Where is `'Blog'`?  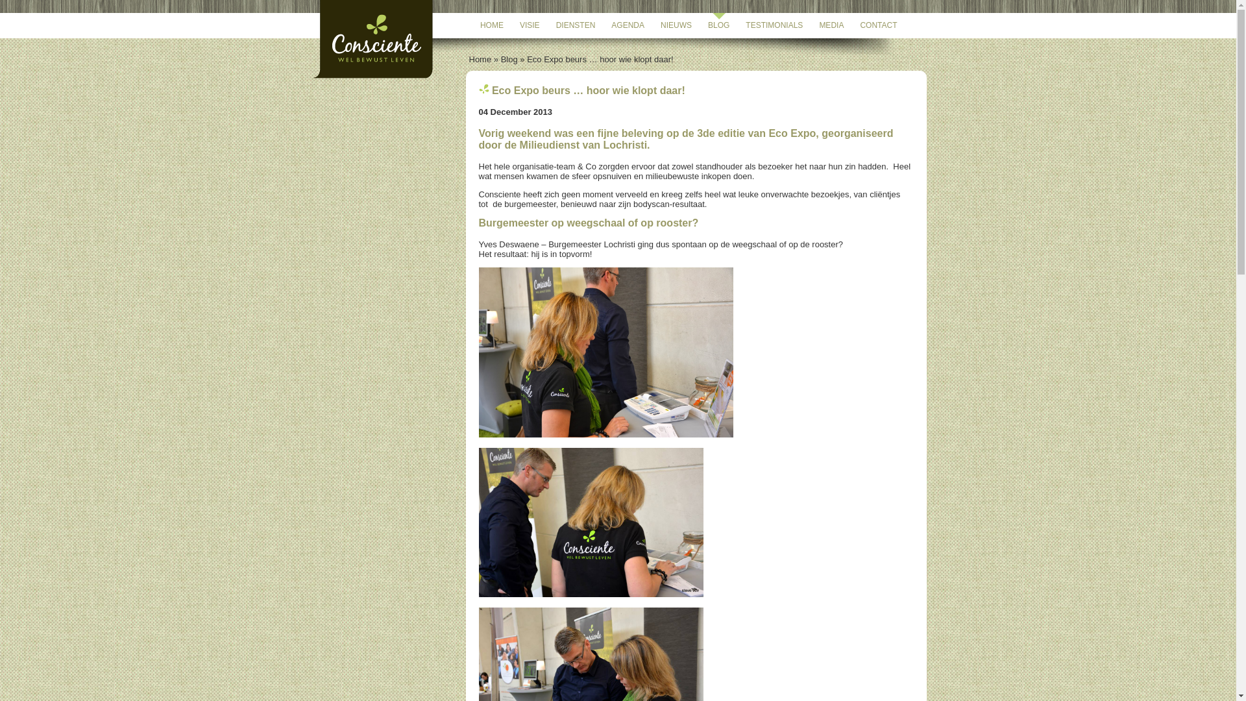 'Blog' is located at coordinates (509, 59).